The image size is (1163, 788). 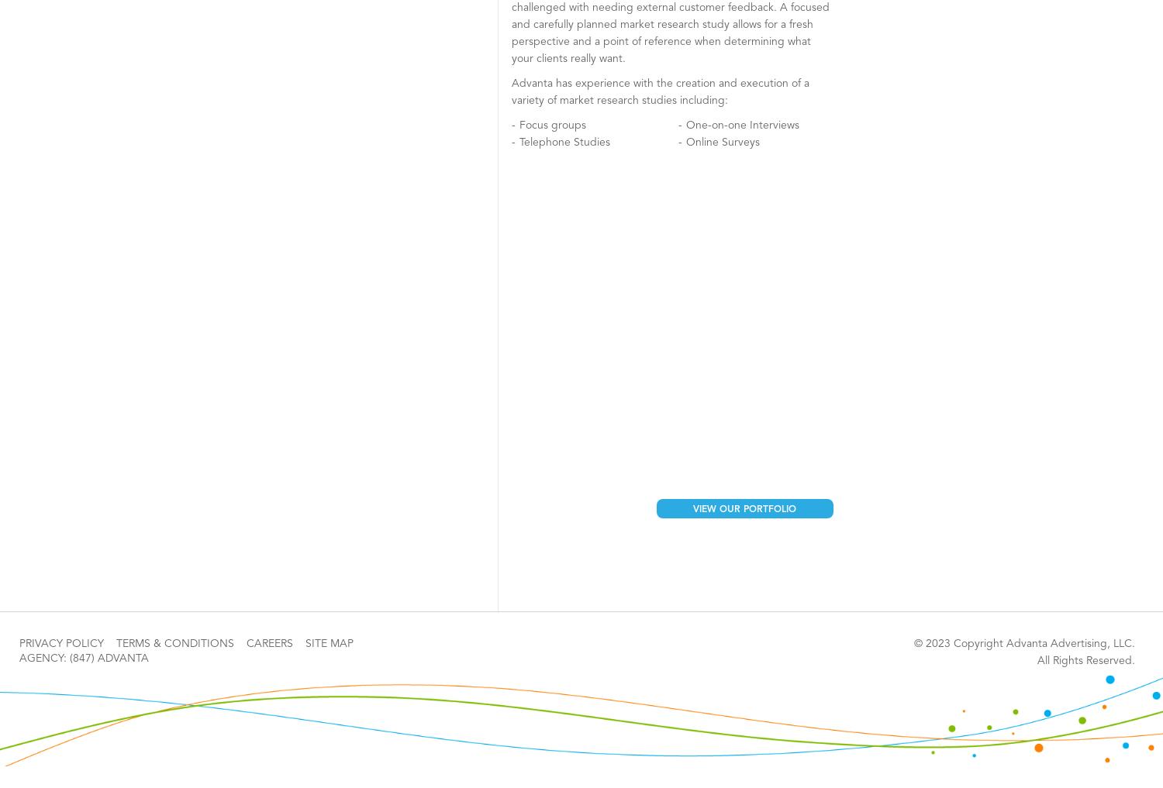 I want to click on 'View our portfolio', so click(x=744, y=509).